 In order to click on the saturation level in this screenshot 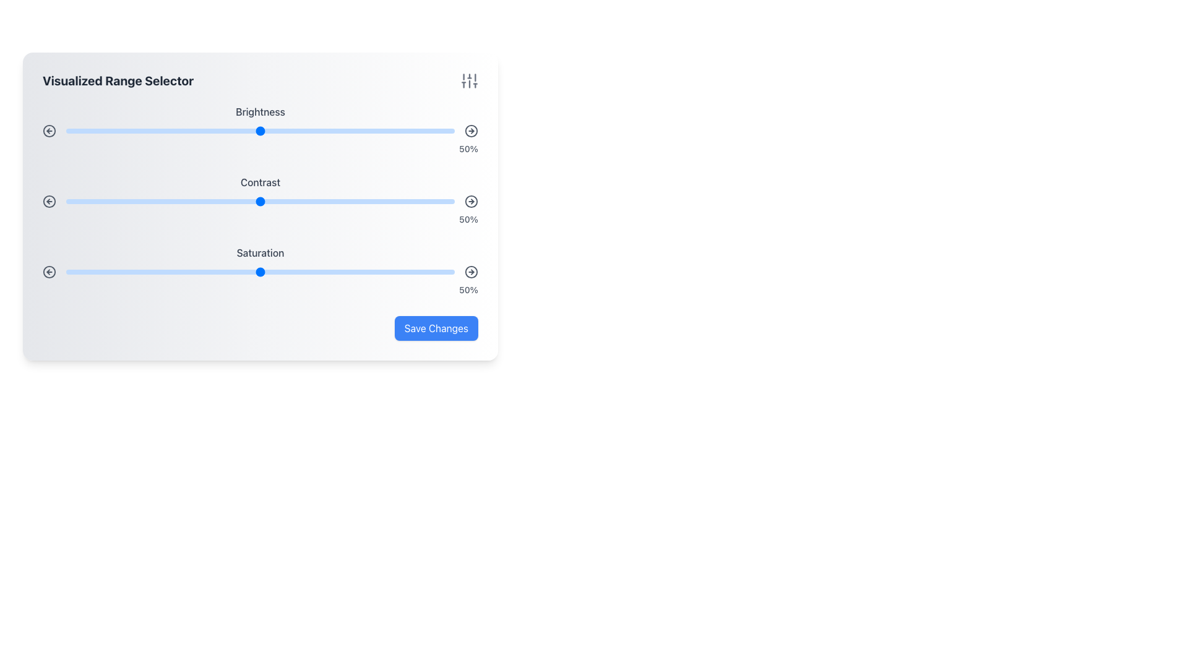, I will do `click(136, 271)`.